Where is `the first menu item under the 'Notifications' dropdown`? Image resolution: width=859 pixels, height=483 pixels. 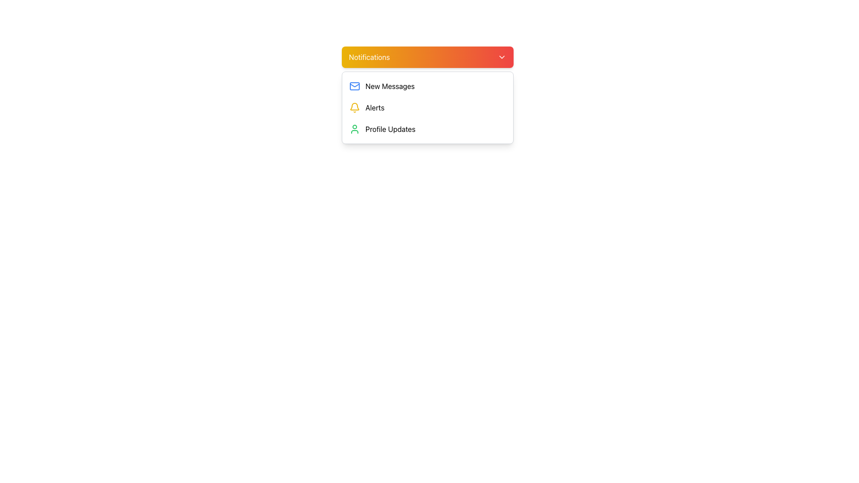 the first menu item under the 'Notifications' dropdown is located at coordinates (427, 86).